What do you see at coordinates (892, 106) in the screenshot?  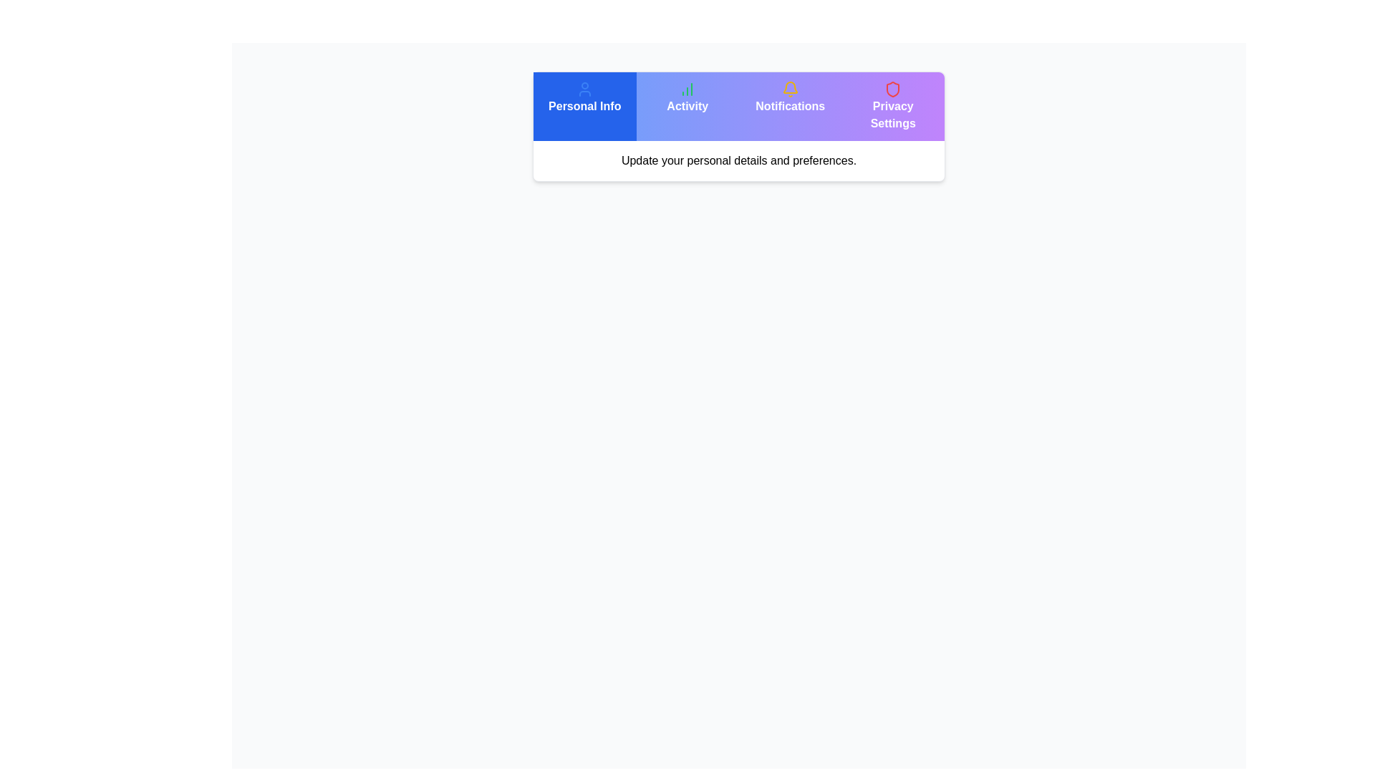 I see `the Privacy Settings tab` at bounding box center [892, 106].